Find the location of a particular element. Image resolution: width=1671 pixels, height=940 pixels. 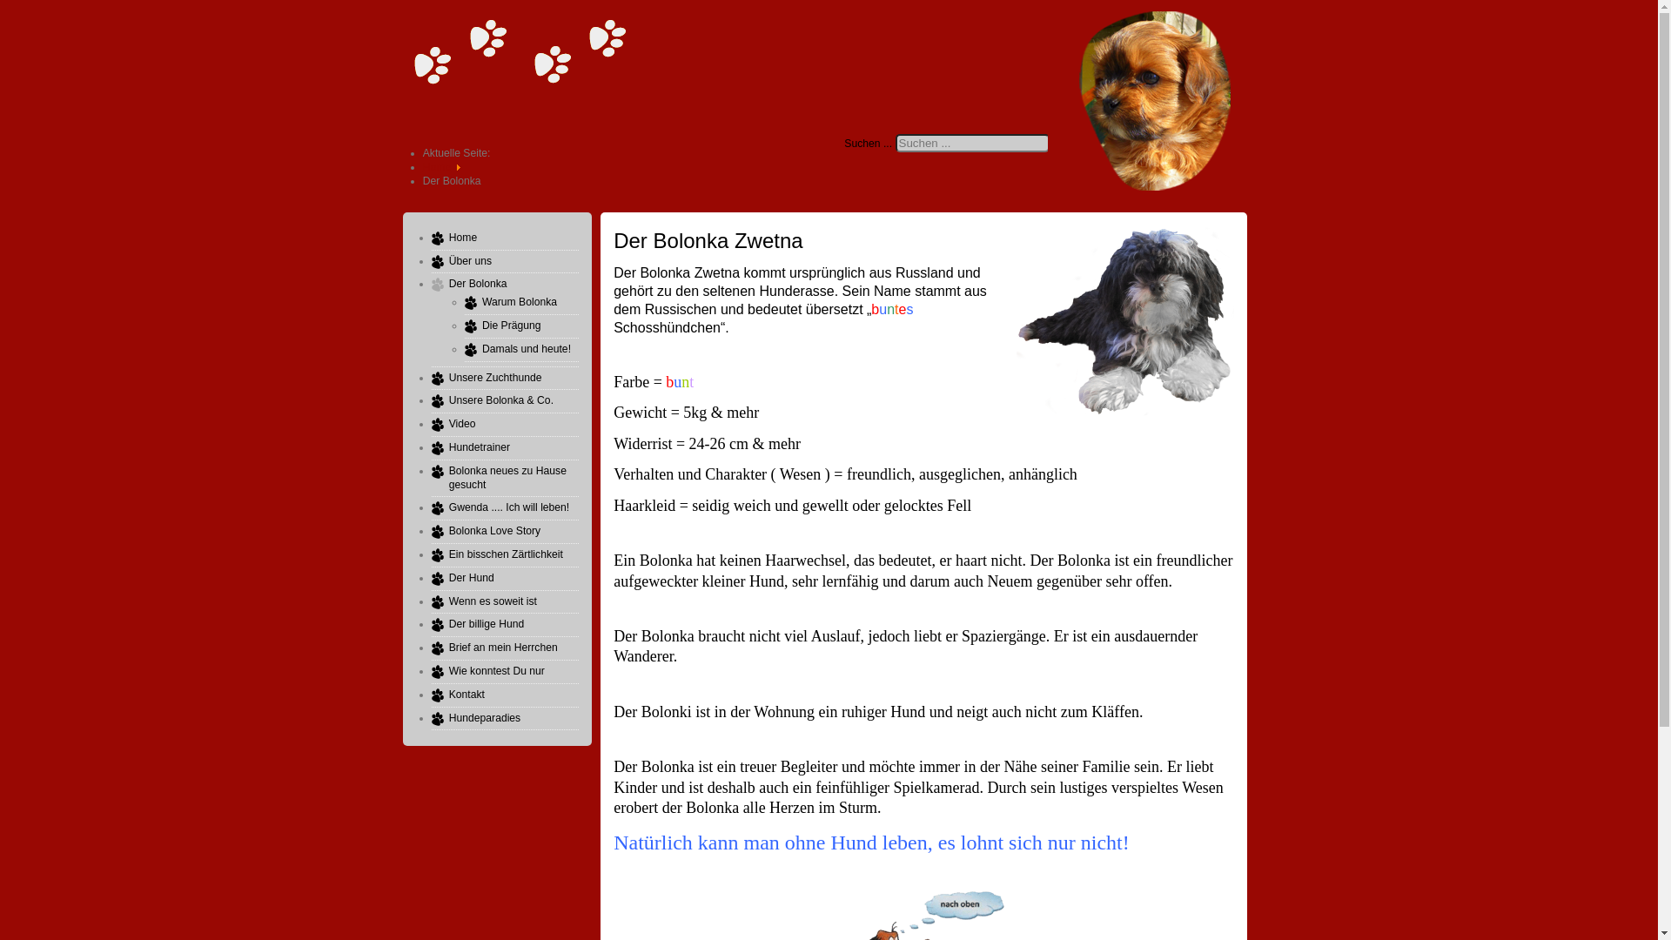

'Bolonka neues zu Hause gesucht' is located at coordinates (507, 477).